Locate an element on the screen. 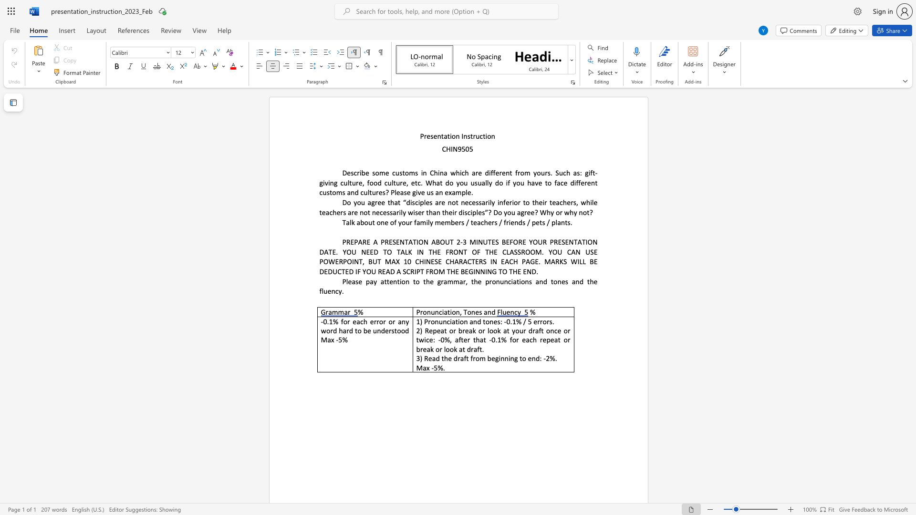 The width and height of the screenshot is (916, 515). the subset text "0%, after that -0.1" within the text "2) Repeat or break or look at your draft once or twice: -0%, after that -0.1% for each repeat or break or look at draft." is located at coordinates (440, 339).